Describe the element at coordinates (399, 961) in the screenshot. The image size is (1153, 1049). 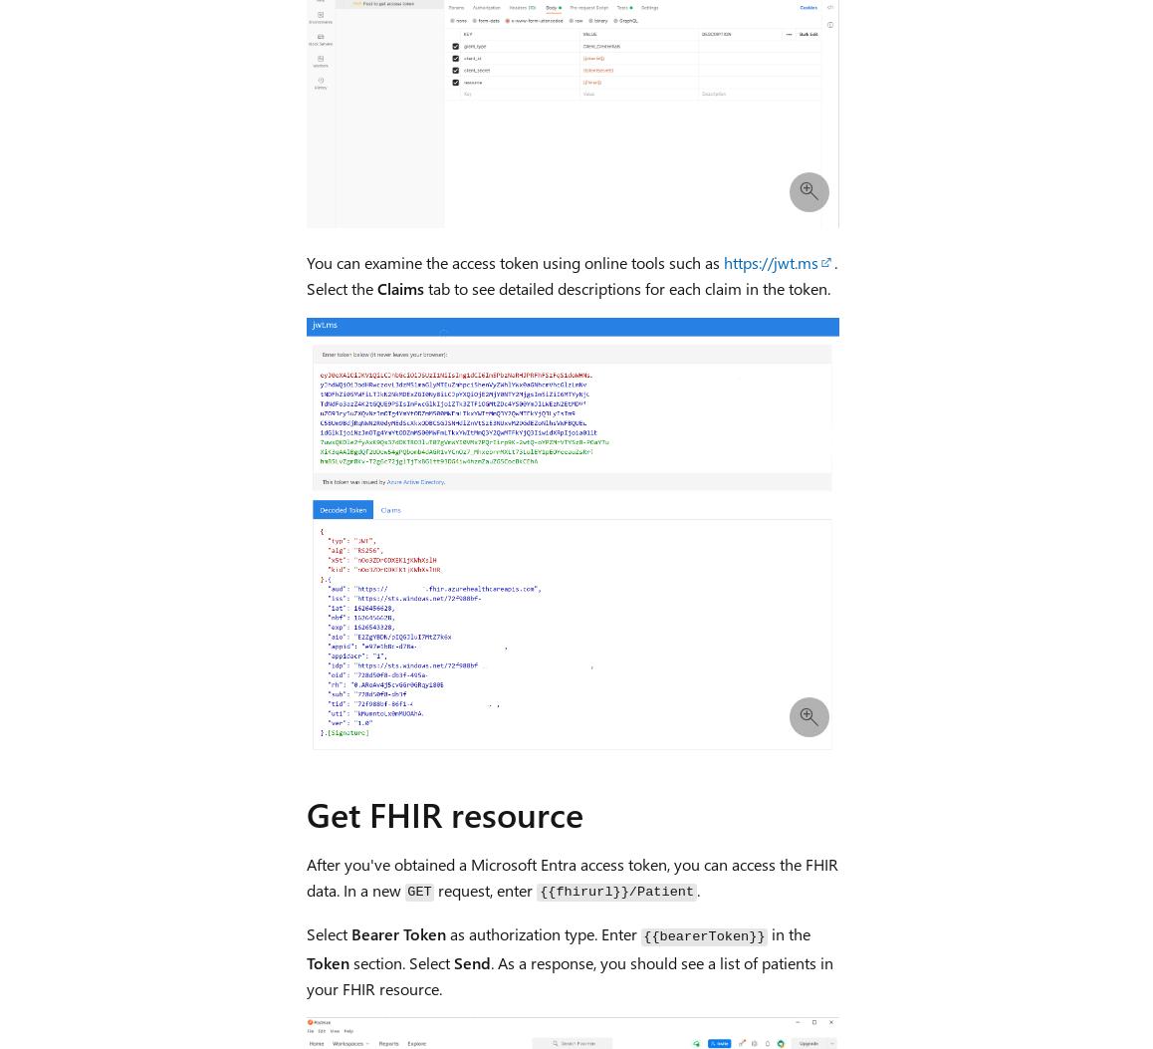
I see `'section. Select'` at that location.